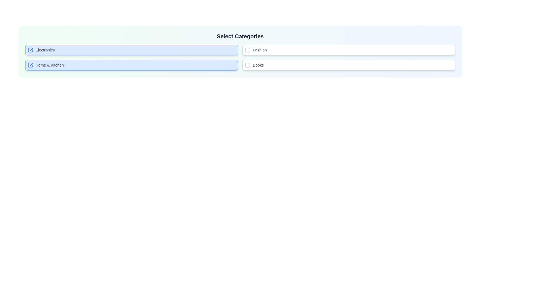  What do you see at coordinates (248, 65) in the screenshot?
I see `the checkbox located in the 'Books' row of the category selection layout to trigger additional effects` at bounding box center [248, 65].